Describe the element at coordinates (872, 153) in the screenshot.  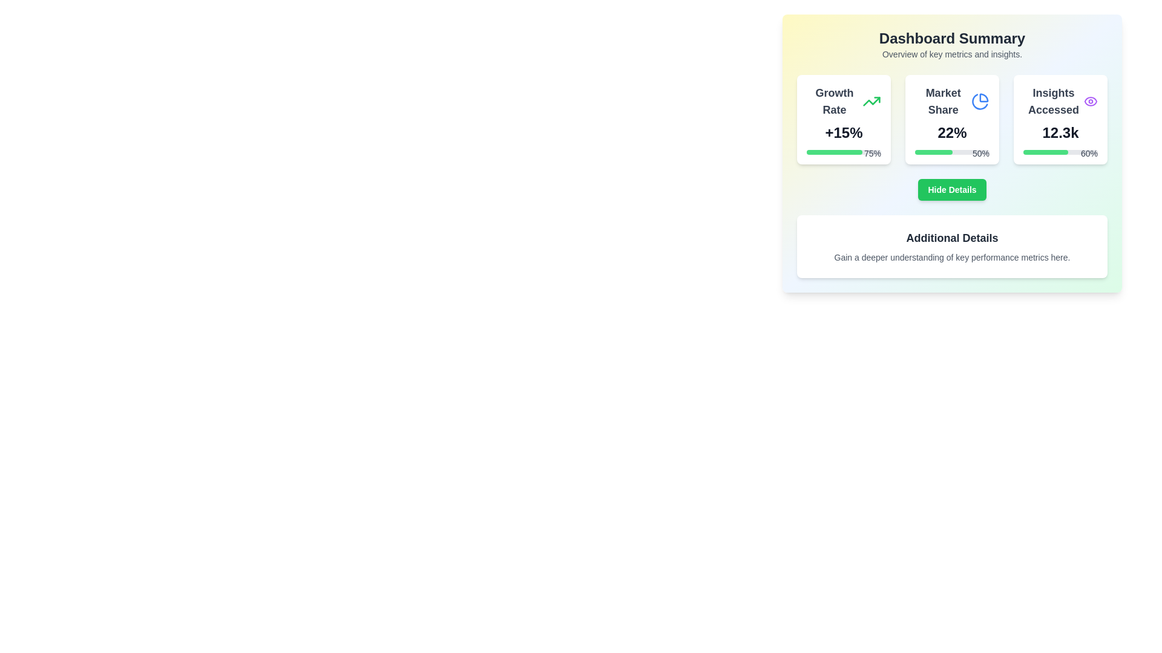
I see `the text element that displays the progress percentage, located in the top-right corner above the green progress bar indicating 75% completion` at that location.